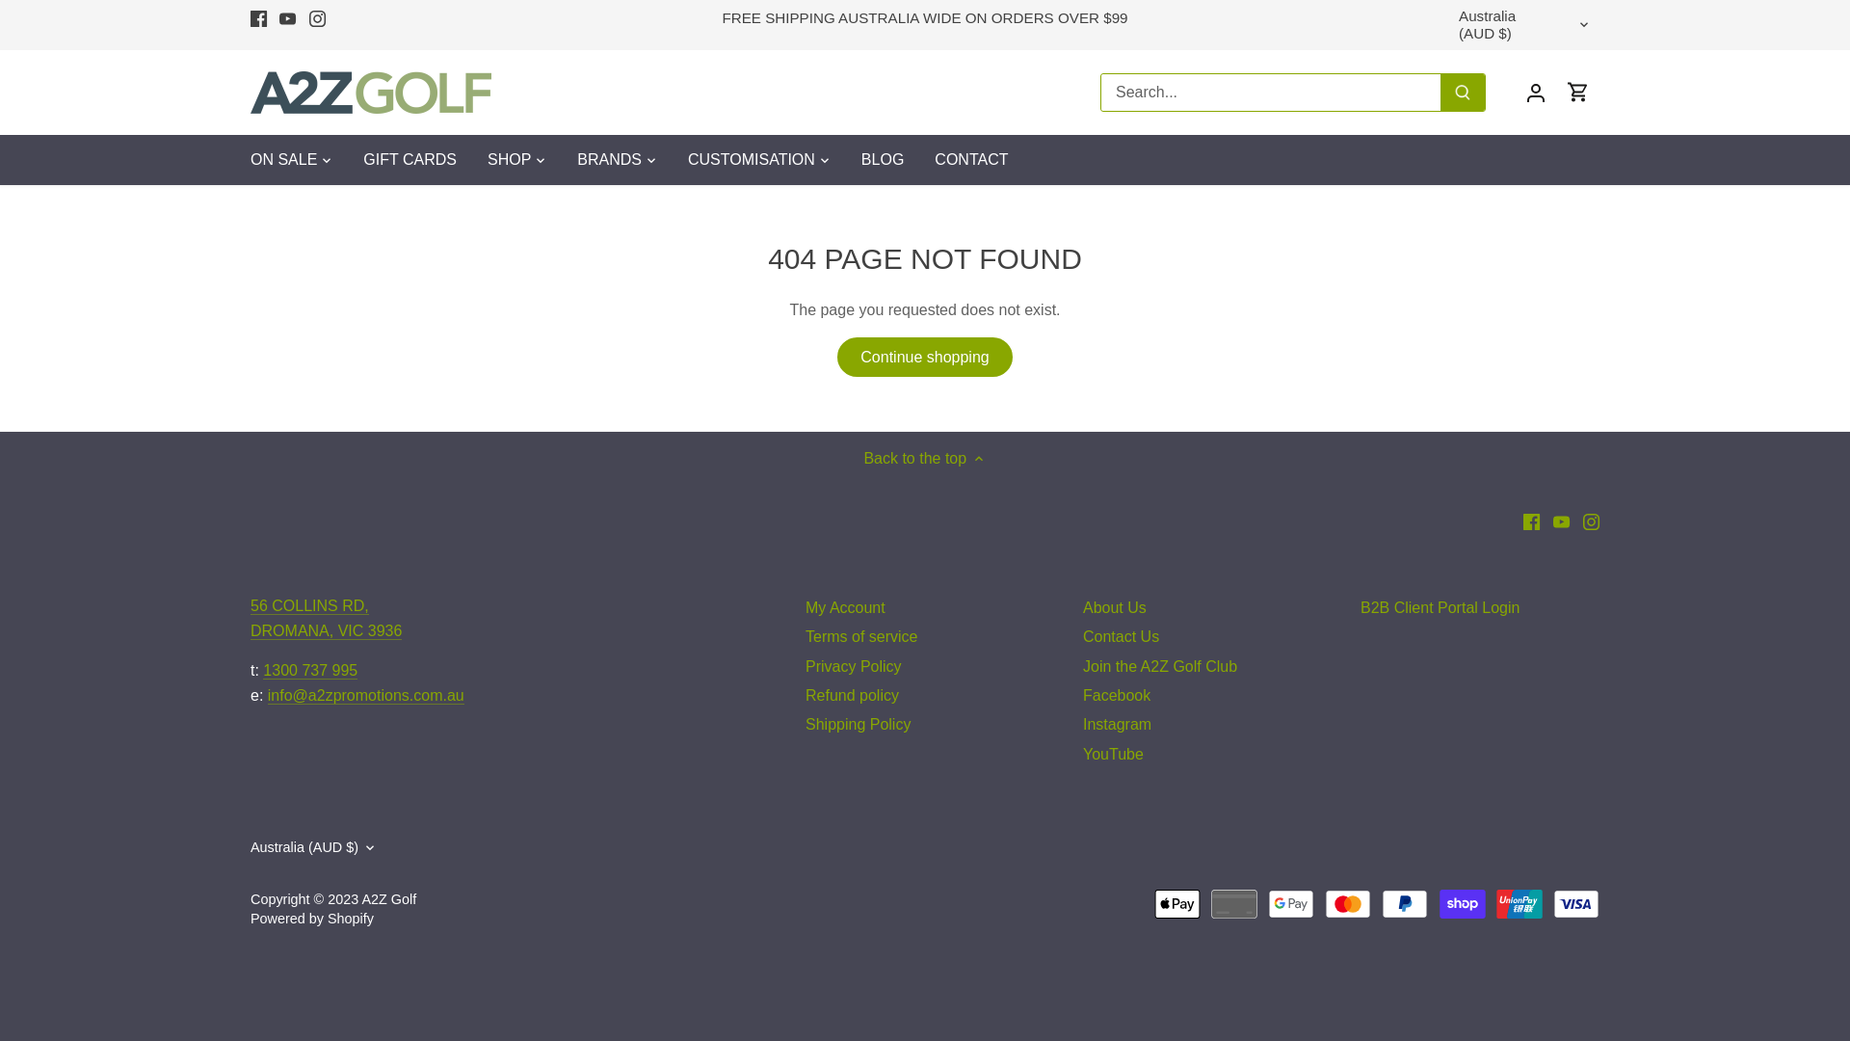 This screenshot has height=1041, width=1850. Describe the element at coordinates (290, 159) in the screenshot. I see `'ON SALE'` at that location.